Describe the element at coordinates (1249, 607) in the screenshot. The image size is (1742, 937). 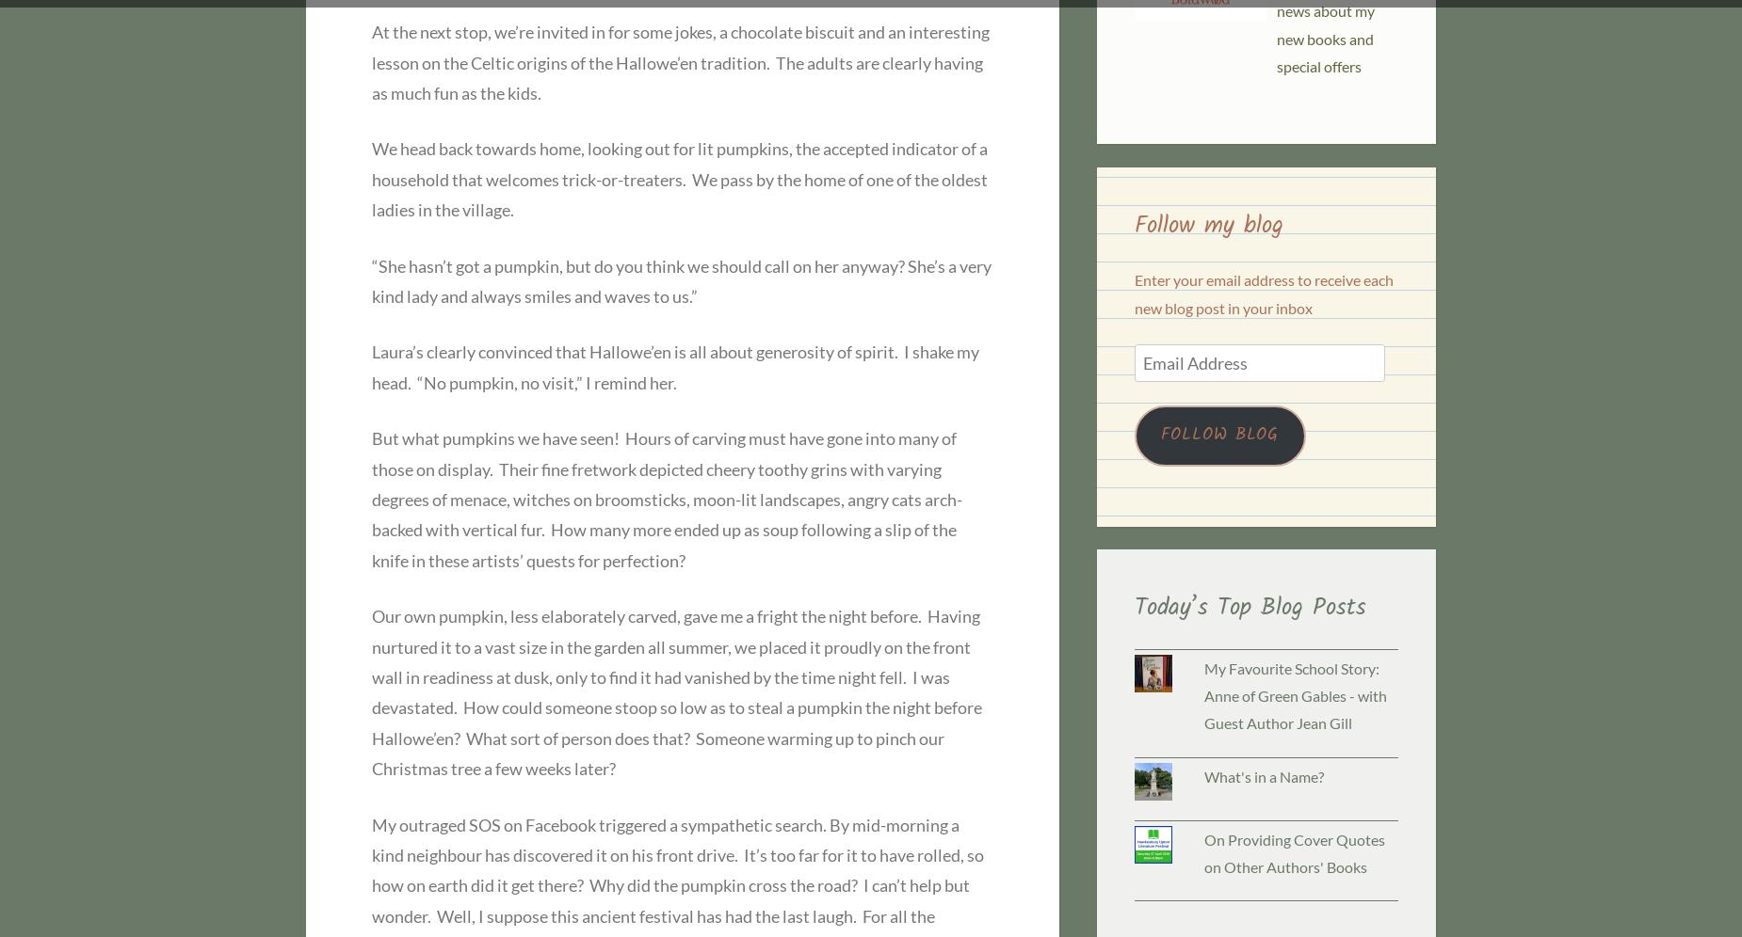
I see `'Today’s Top Blog Posts'` at that location.